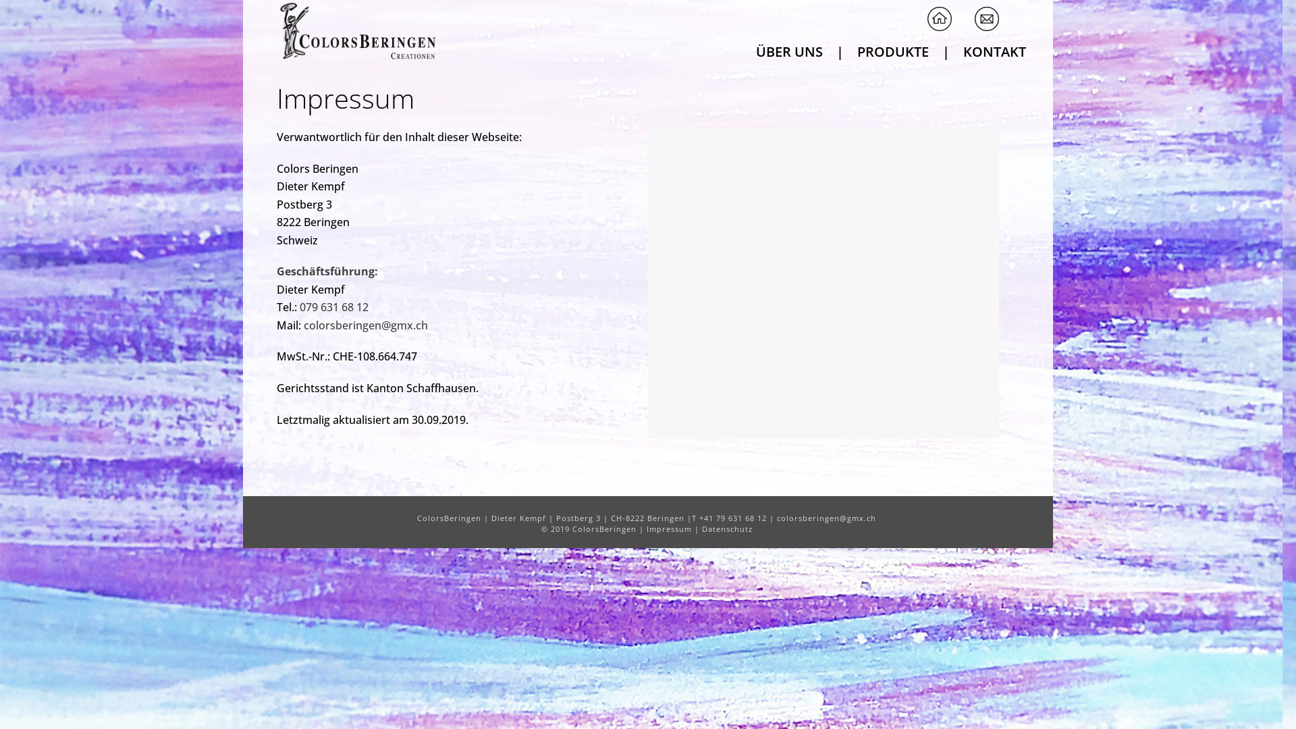 This screenshot has height=729, width=1296. What do you see at coordinates (839, 49) in the screenshot?
I see `'|'` at bounding box center [839, 49].